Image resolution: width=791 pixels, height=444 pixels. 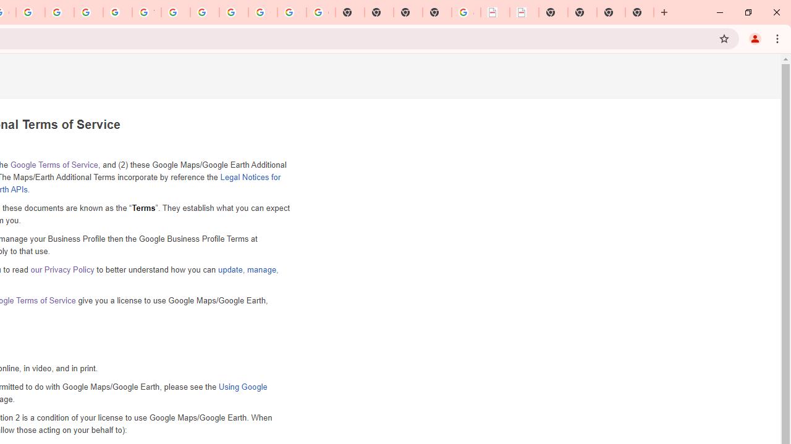 I want to click on 'our Privacy Policy', so click(x=62, y=269).